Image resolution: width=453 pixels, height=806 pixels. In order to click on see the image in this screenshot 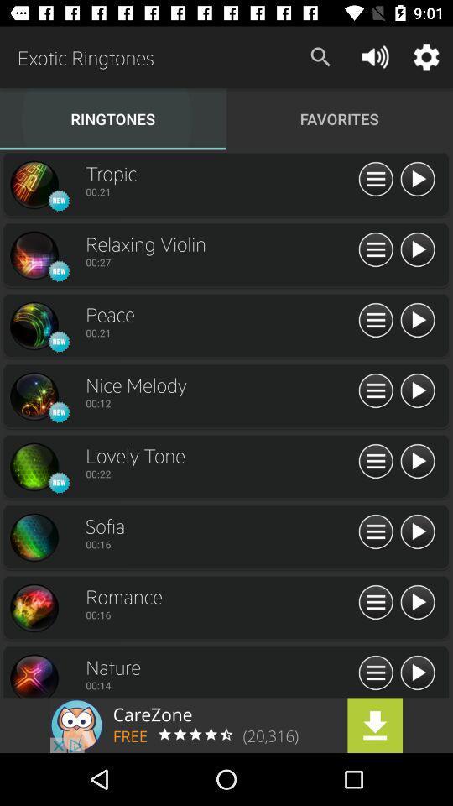, I will do `click(34, 607)`.